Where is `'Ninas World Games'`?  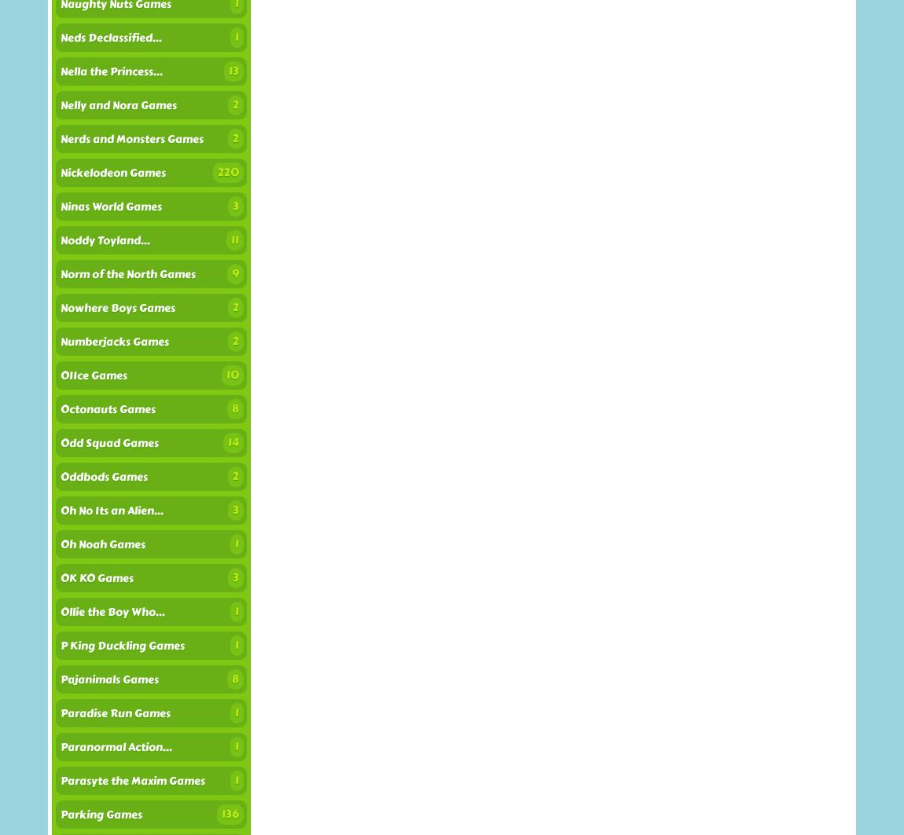 'Ninas World Games' is located at coordinates (60, 207).